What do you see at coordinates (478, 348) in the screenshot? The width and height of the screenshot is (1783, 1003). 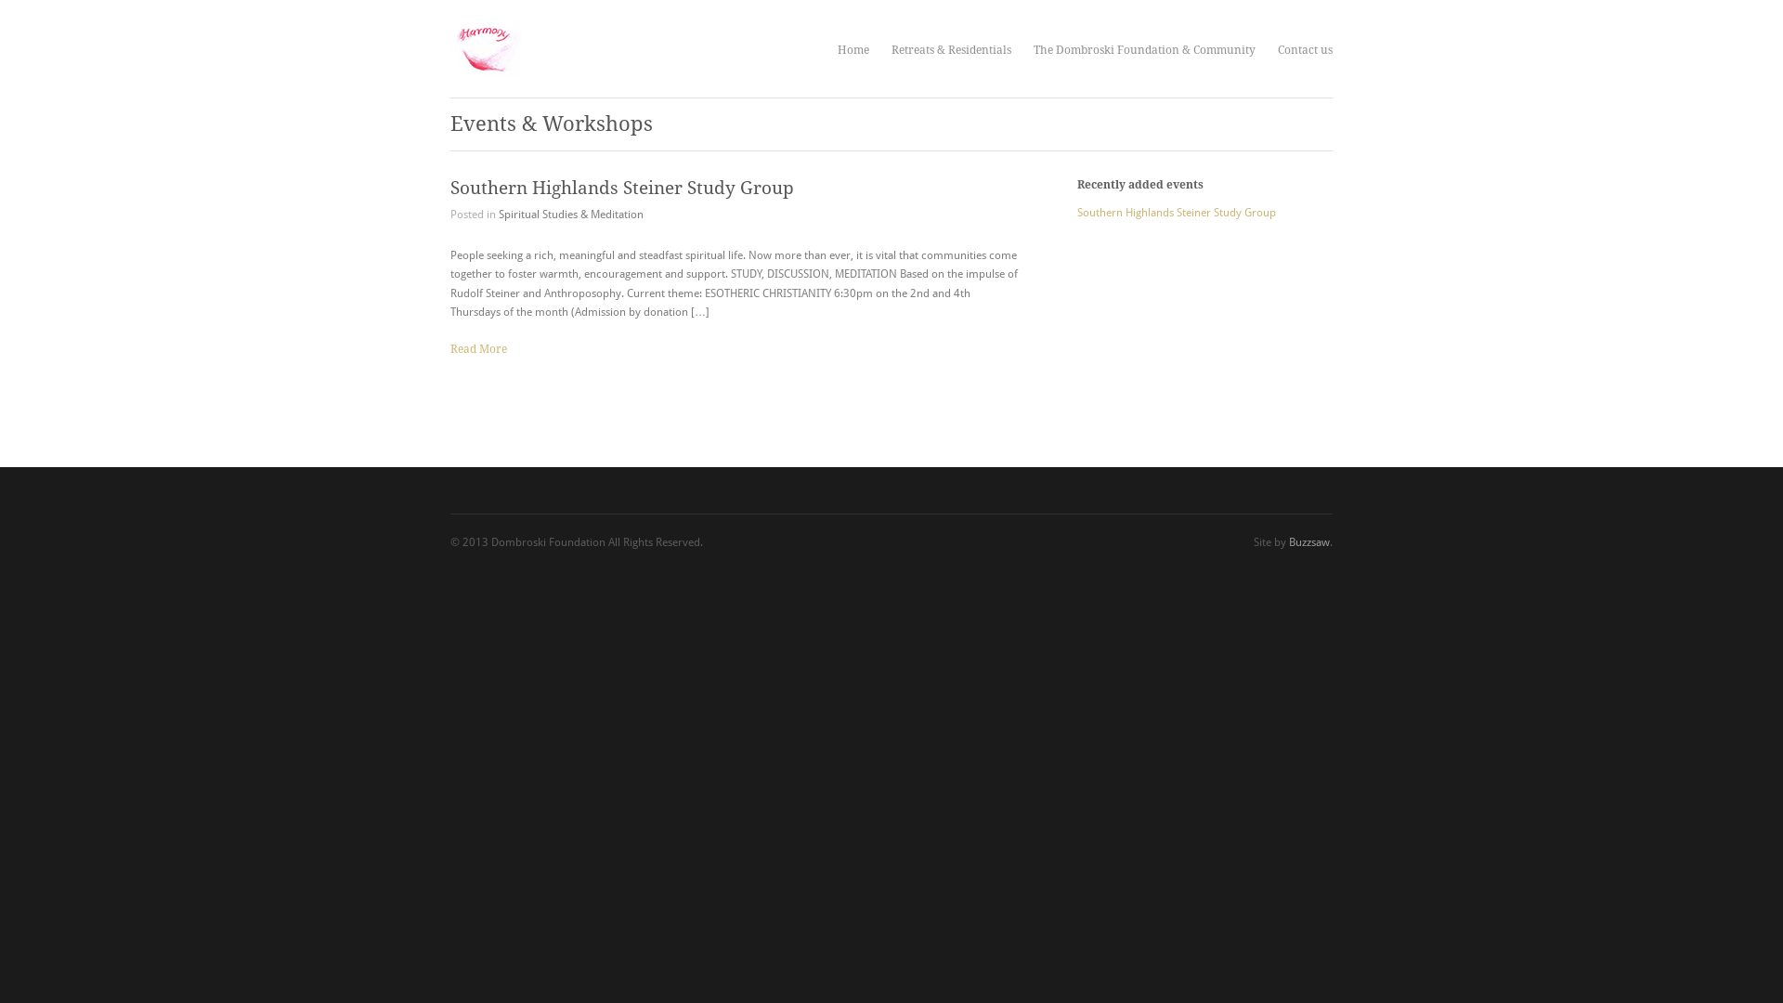 I see `'Read More'` at bounding box center [478, 348].